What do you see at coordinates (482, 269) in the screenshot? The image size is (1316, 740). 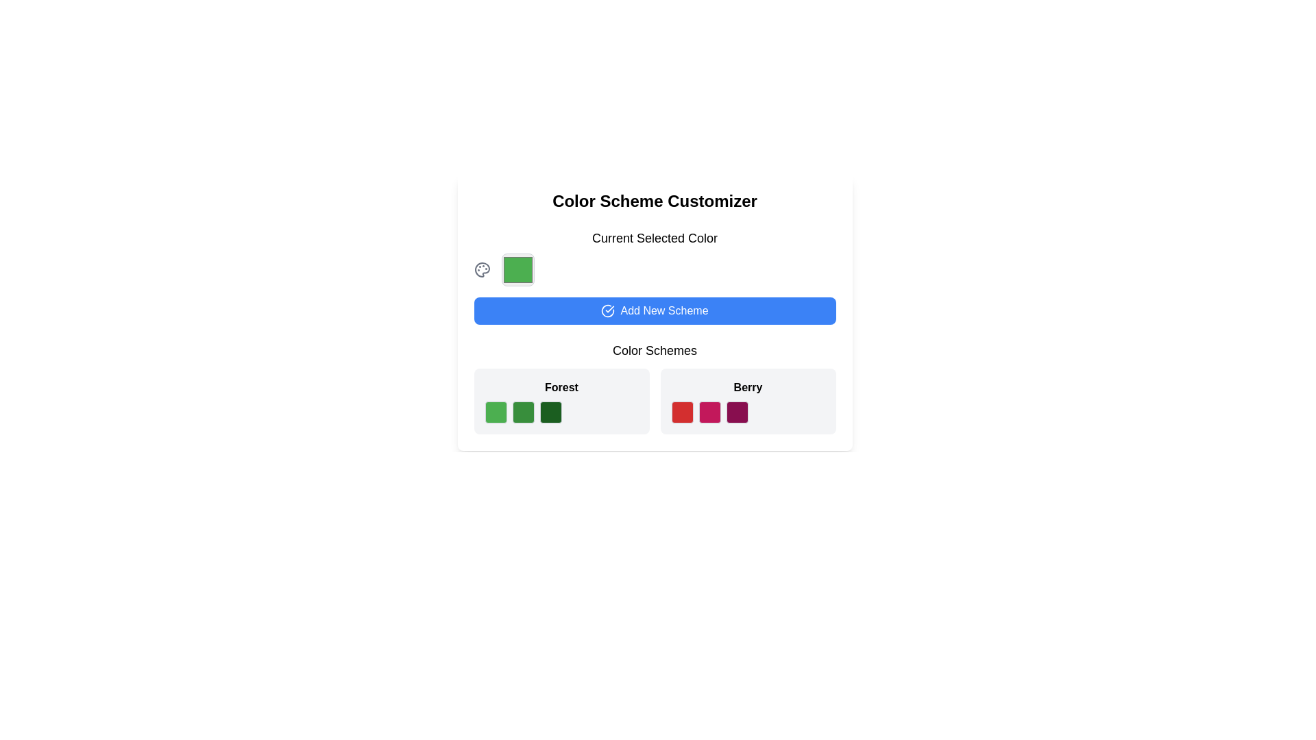 I see `the gray palette icon with colored dots located to the left of the green square in the color scheme customizer interface` at bounding box center [482, 269].